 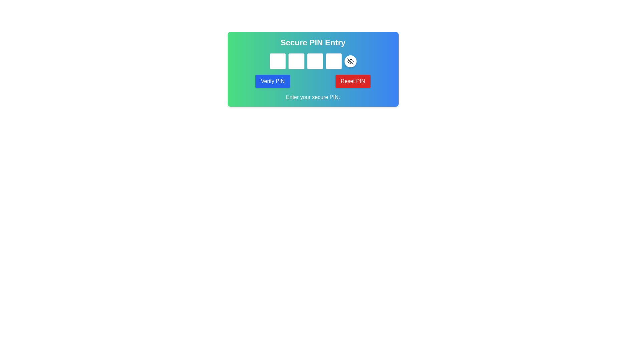 I want to click on the eye icon on the far right side of the PIN input area, so click(x=350, y=61).